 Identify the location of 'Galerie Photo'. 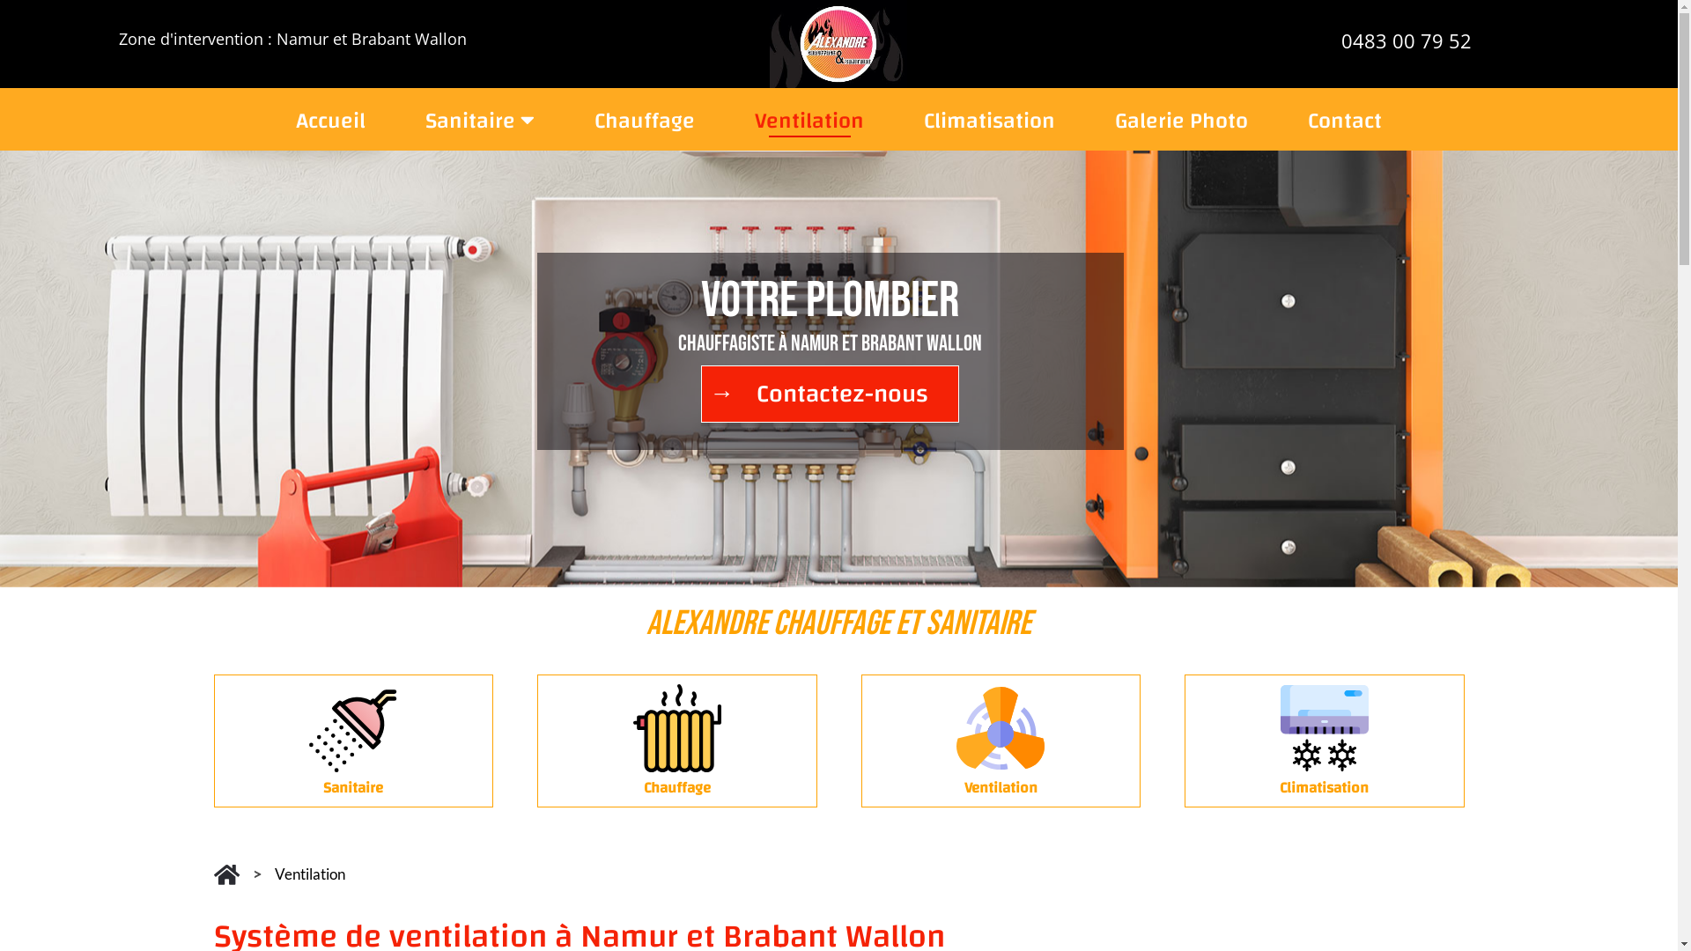
(1181, 125).